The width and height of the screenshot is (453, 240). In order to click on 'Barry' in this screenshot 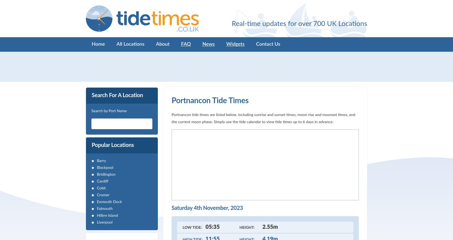, I will do `click(101, 161)`.